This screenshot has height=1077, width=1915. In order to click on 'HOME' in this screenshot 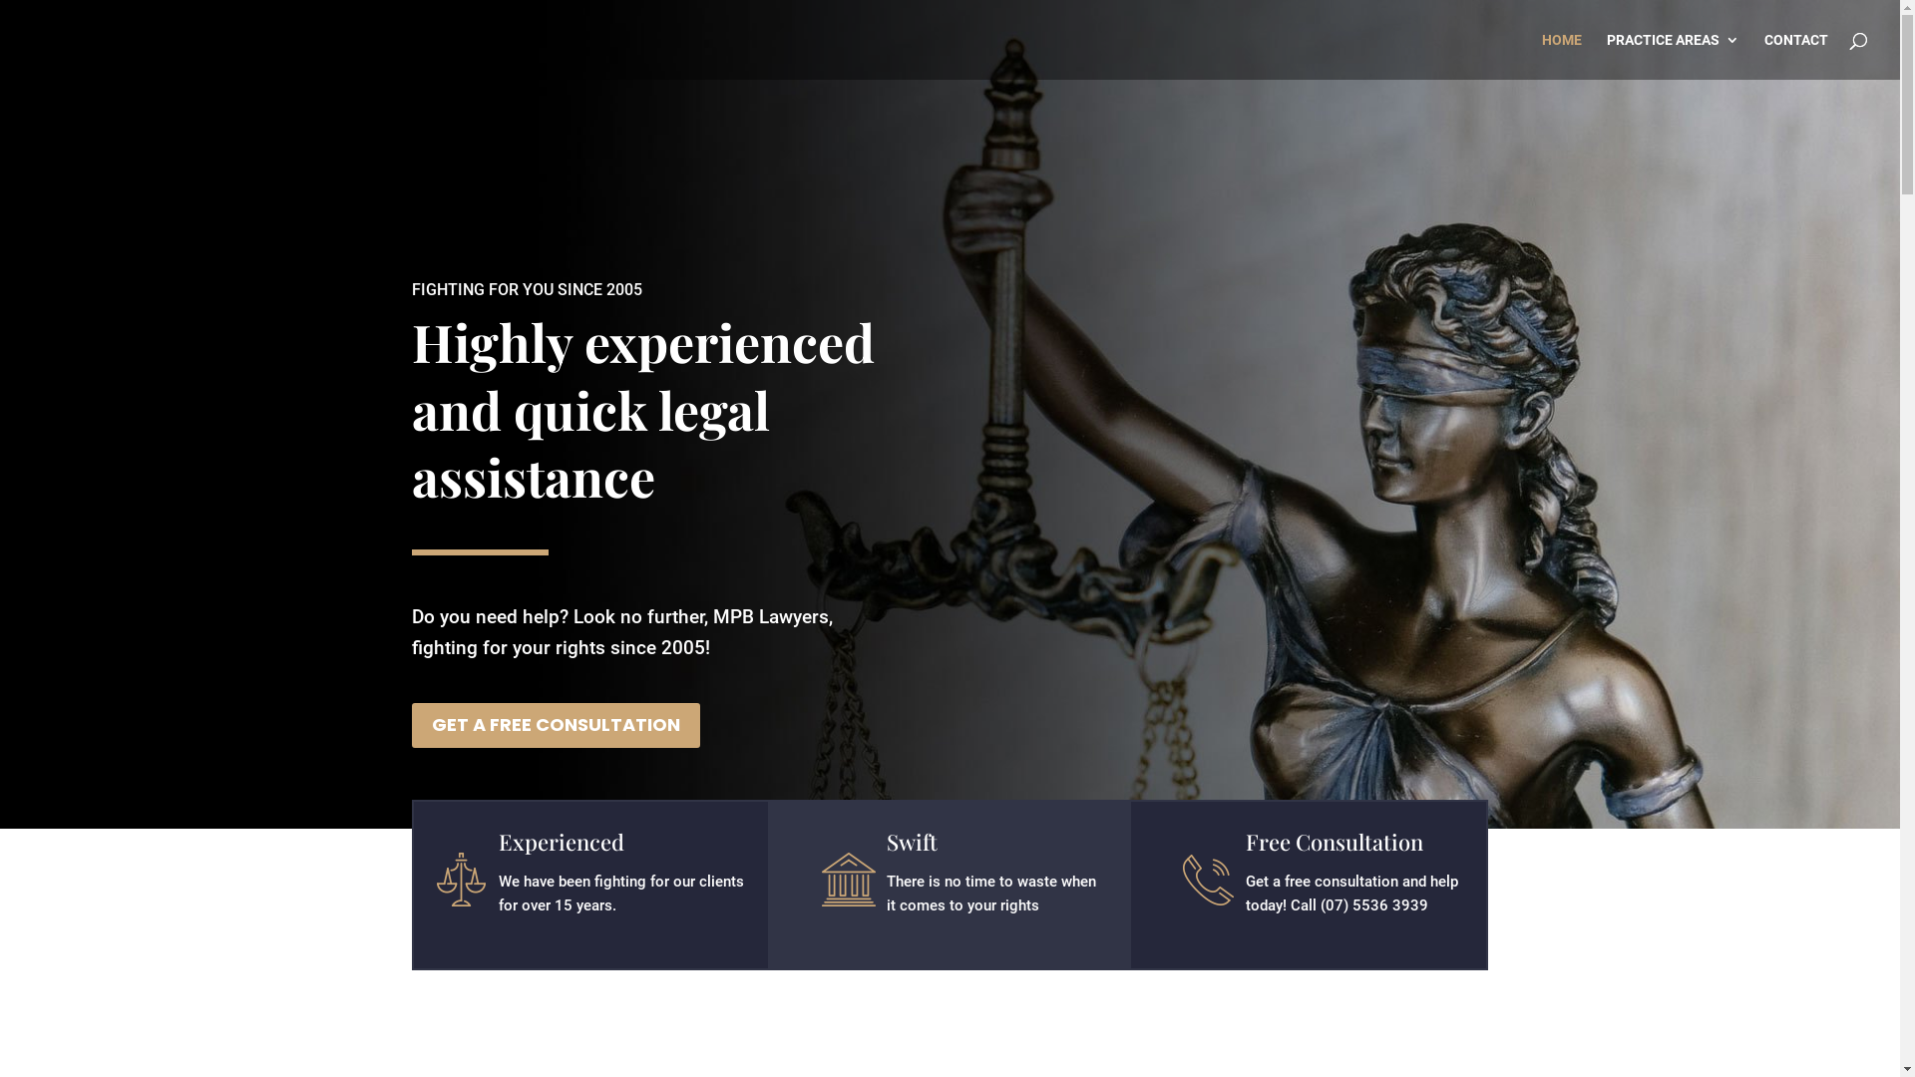, I will do `click(1560, 55)`.